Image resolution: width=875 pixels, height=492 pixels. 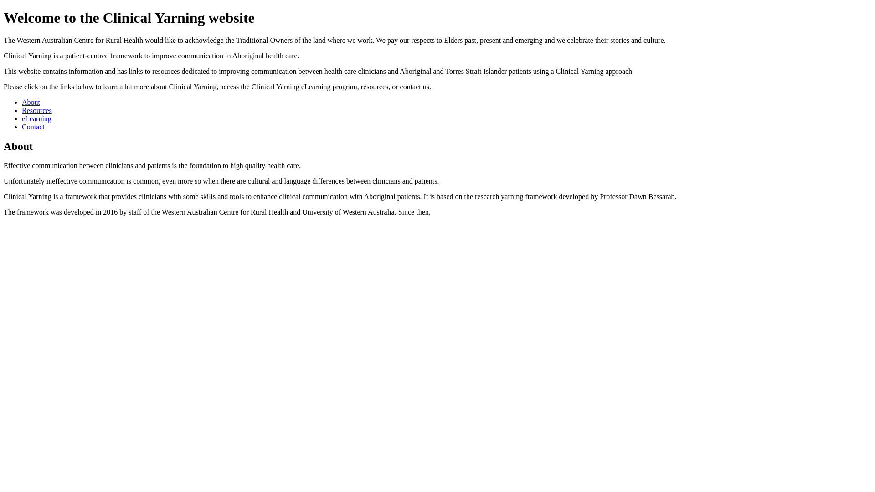 I want to click on 'Contact', so click(x=33, y=127).